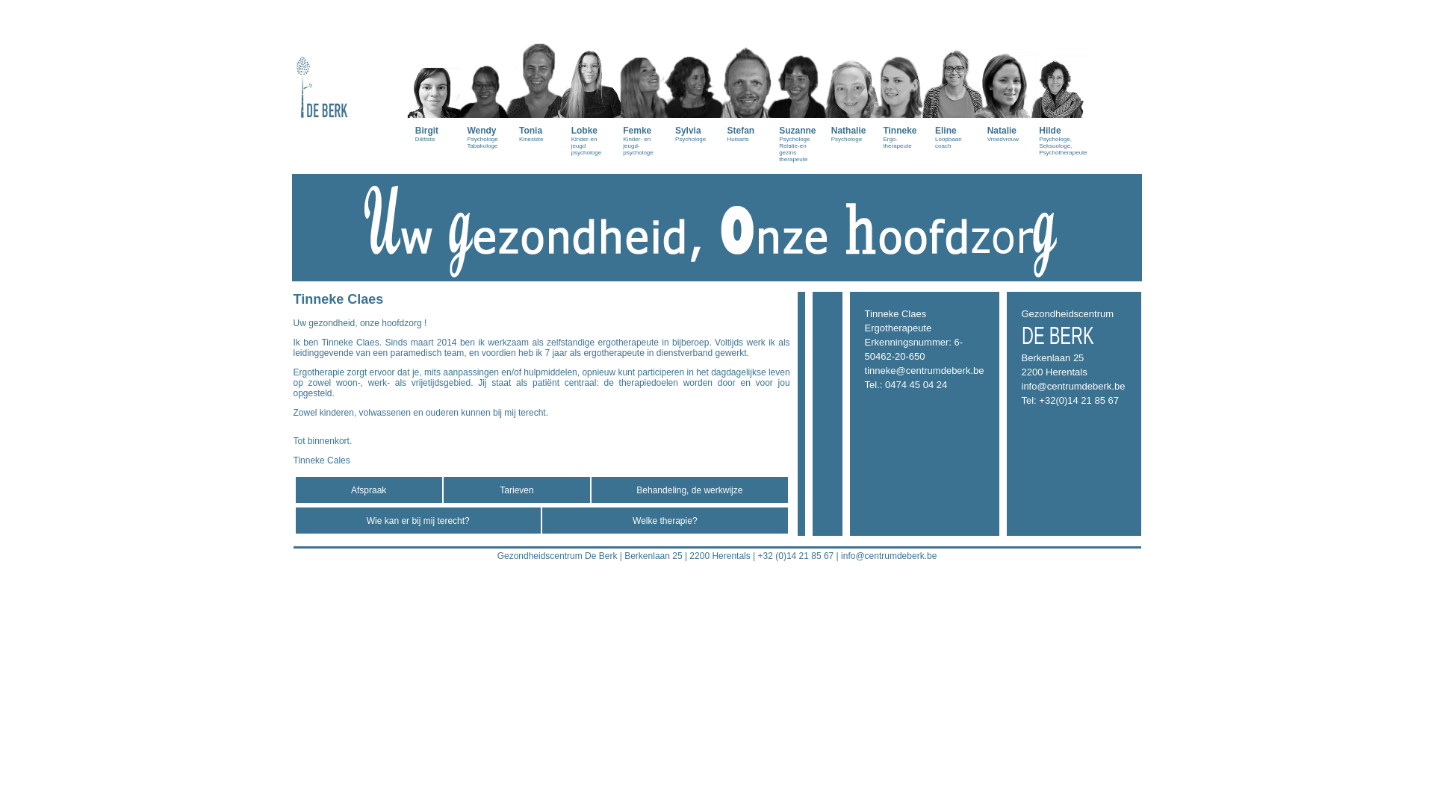 The height and width of the screenshot is (806, 1434). I want to click on 'Afspraak', so click(368, 490).